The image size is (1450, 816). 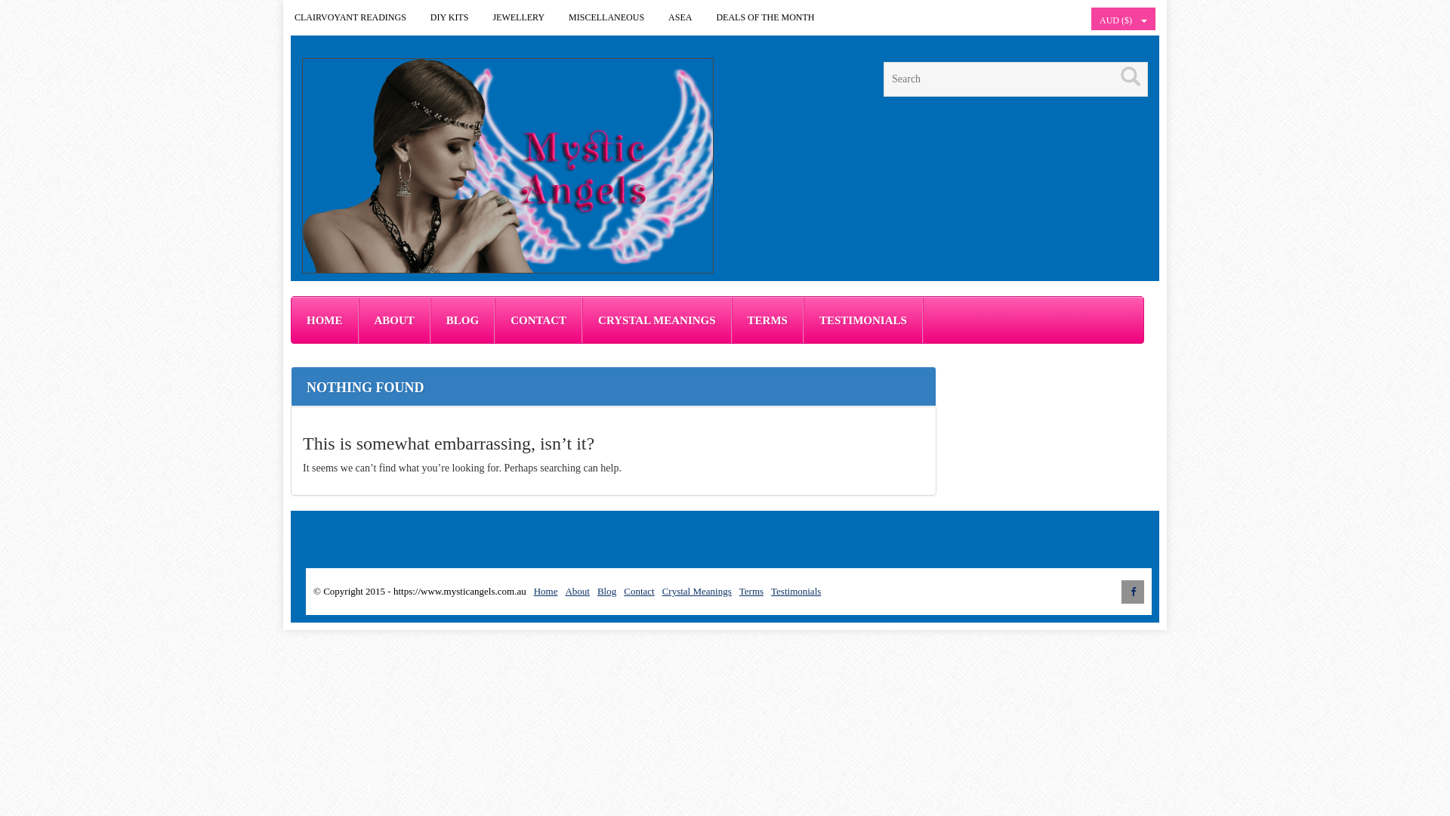 I want to click on 'DIY KITS', so click(x=449, y=17).